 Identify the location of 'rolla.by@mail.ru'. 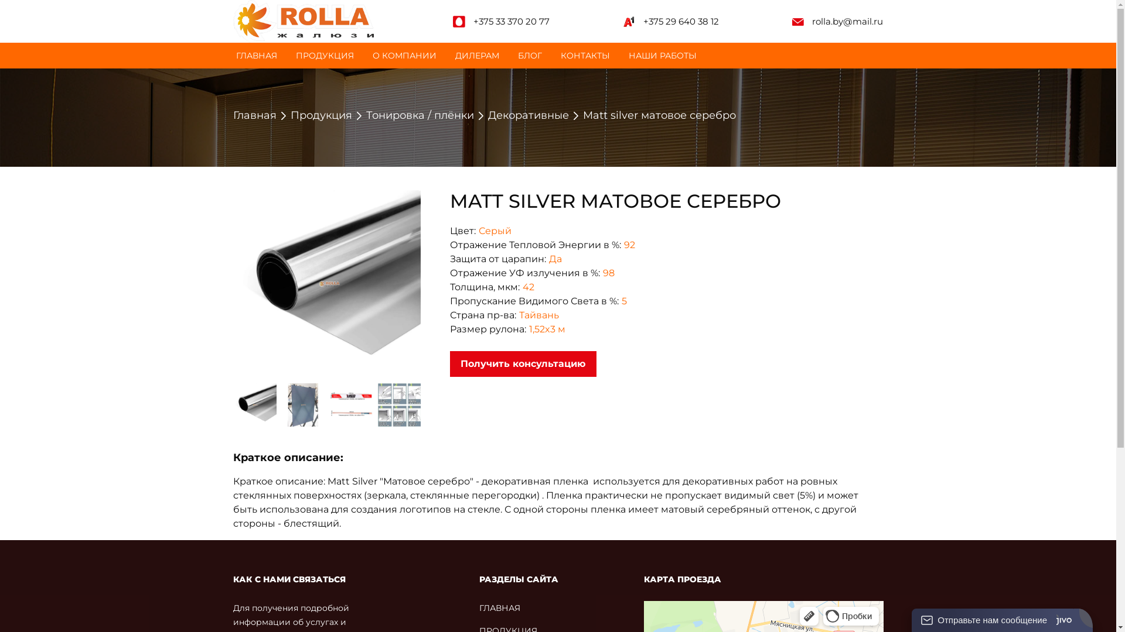
(847, 20).